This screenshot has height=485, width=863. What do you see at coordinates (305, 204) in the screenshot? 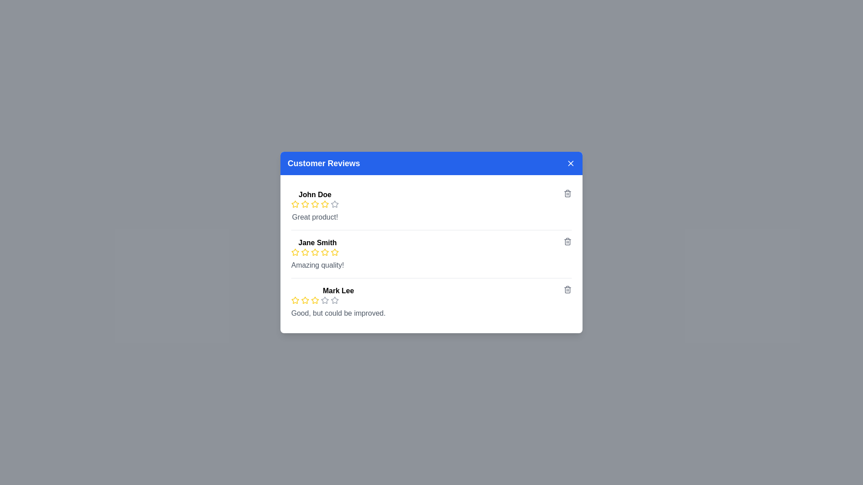
I see `the rating to 2 stars by clicking on the corresponding star` at bounding box center [305, 204].